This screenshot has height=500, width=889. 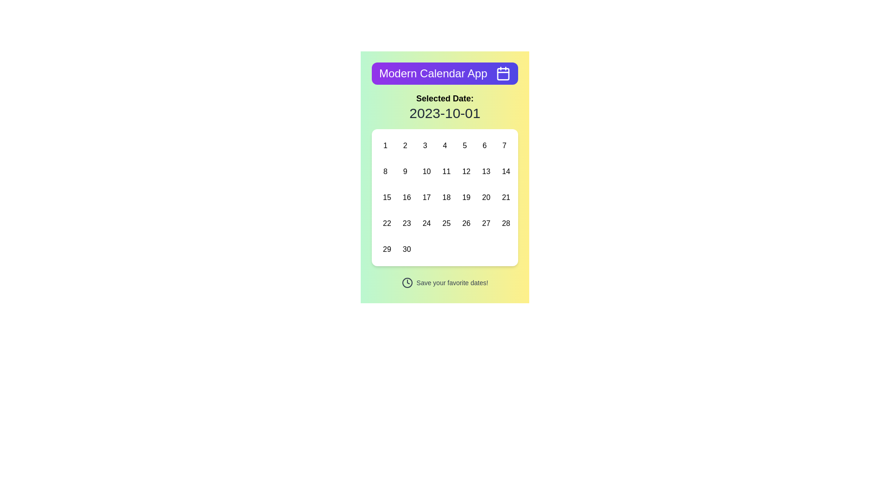 I want to click on the central SVG circle element of the clock icon, which has a green background and is located below the calendar grid, so click(x=407, y=282).